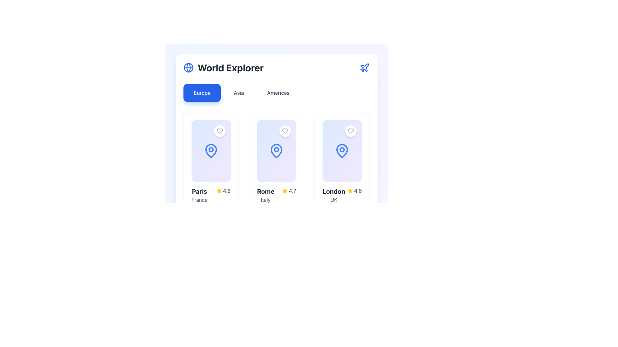 Image resolution: width=618 pixels, height=347 pixels. I want to click on the central map pin icon representing 'Rome, Italy' located in the second column of the 'Europe' section by moving the cursor to its center, so click(276, 151).